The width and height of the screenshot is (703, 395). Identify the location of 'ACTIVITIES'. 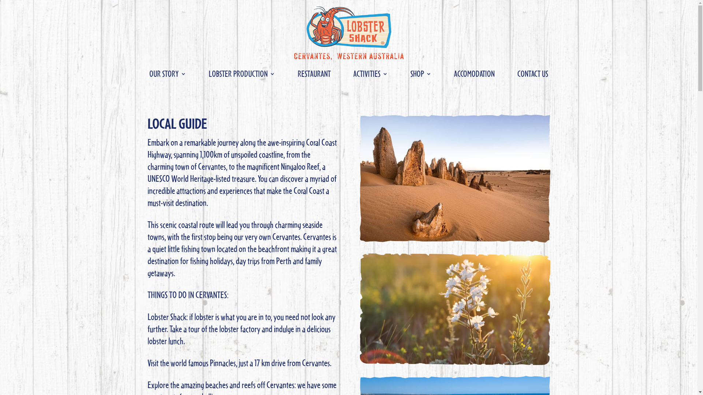
(353, 75).